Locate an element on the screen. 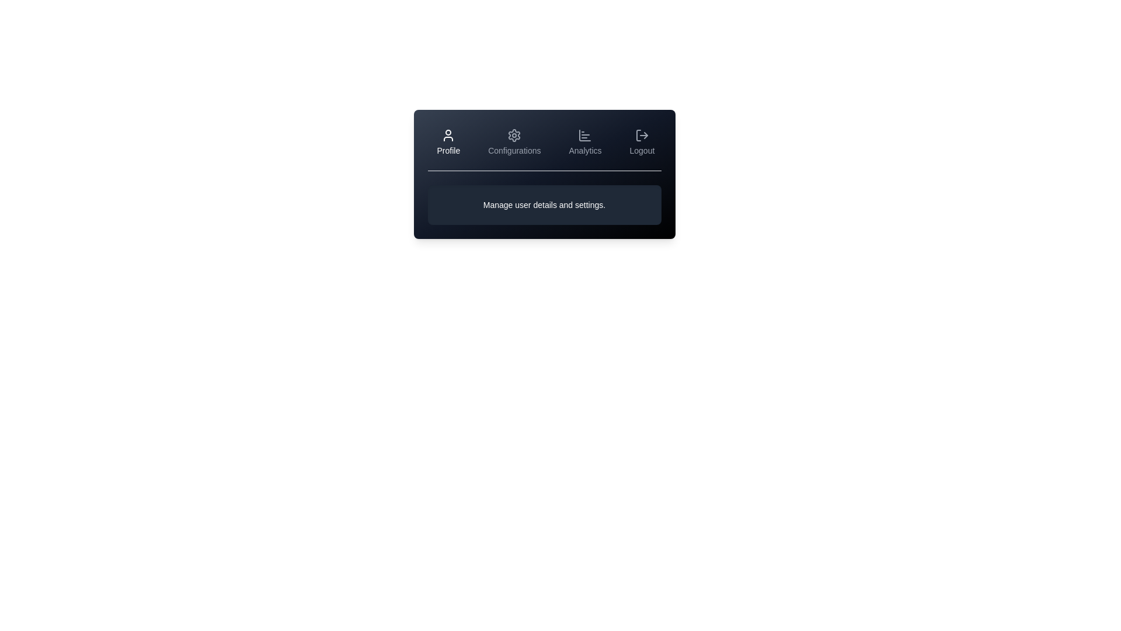 The width and height of the screenshot is (1121, 631). the Logout tab to view its content is located at coordinates (641, 141).